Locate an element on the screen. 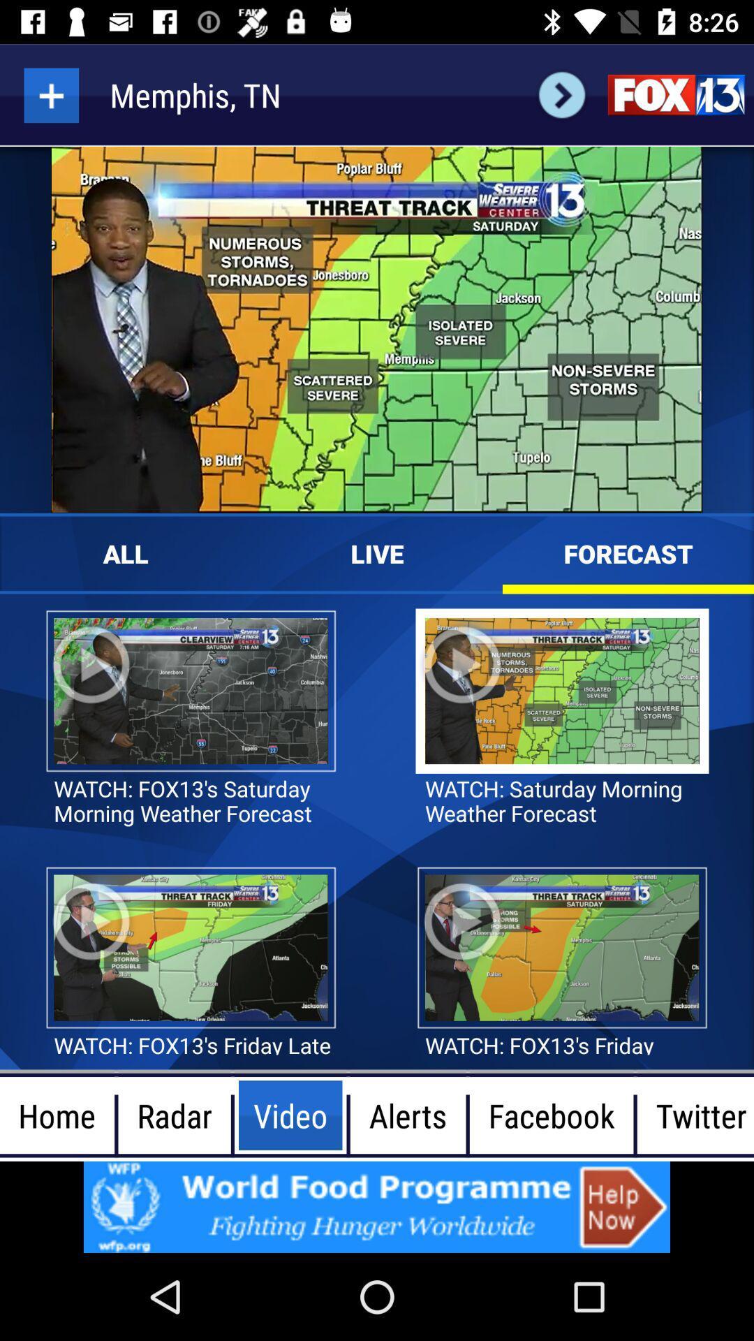 This screenshot has width=754, height=1341. the arrow_forward icon is located at coordinates (561, 94).